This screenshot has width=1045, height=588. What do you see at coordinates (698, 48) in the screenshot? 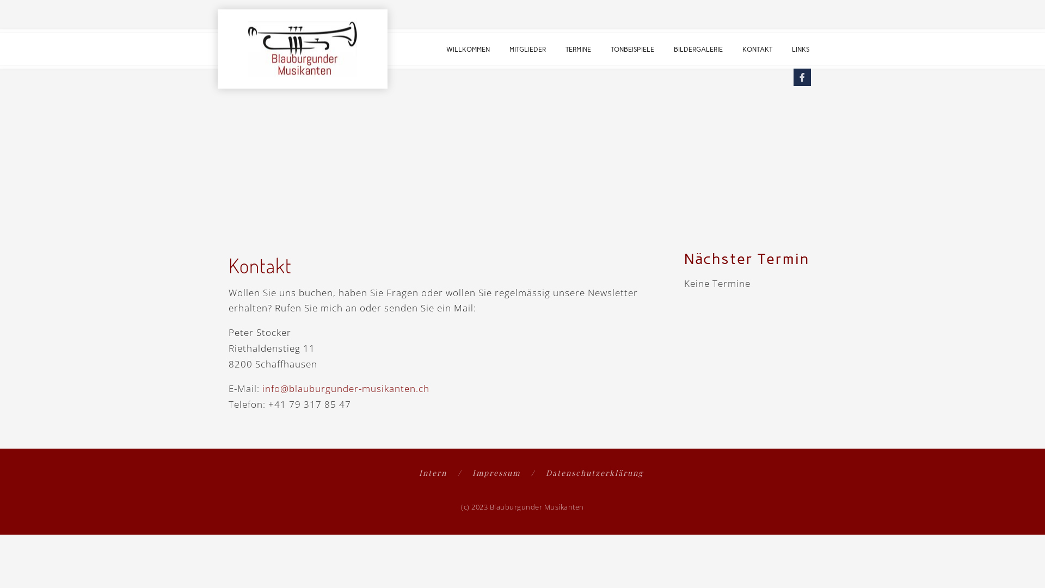
I see `'BILDERGALERIE'` at bounding box center [698, 48].